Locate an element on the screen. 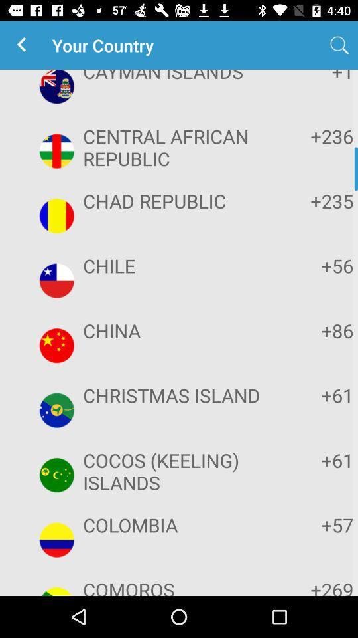  the cocos (keeling) islands is located at coordinates (177, 471).